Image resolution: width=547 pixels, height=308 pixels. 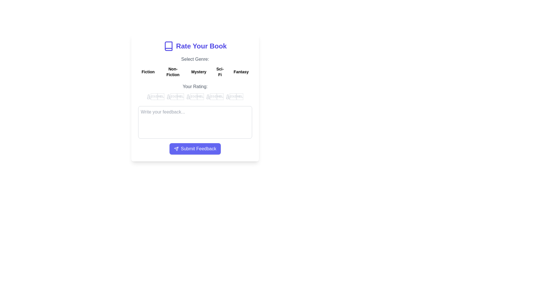 I want to click on text content of the bold label 'Rate Your Book', which is styled in deep indigo and located at the top of the card layout, adjacent to a book icon, so click(x=201, y=46).